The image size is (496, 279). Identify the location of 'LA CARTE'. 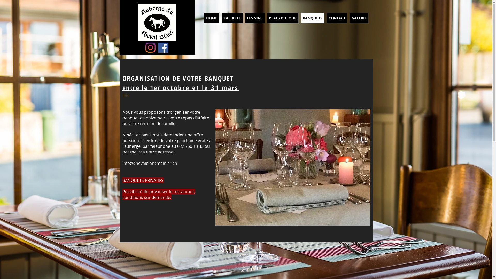
(231, 18).